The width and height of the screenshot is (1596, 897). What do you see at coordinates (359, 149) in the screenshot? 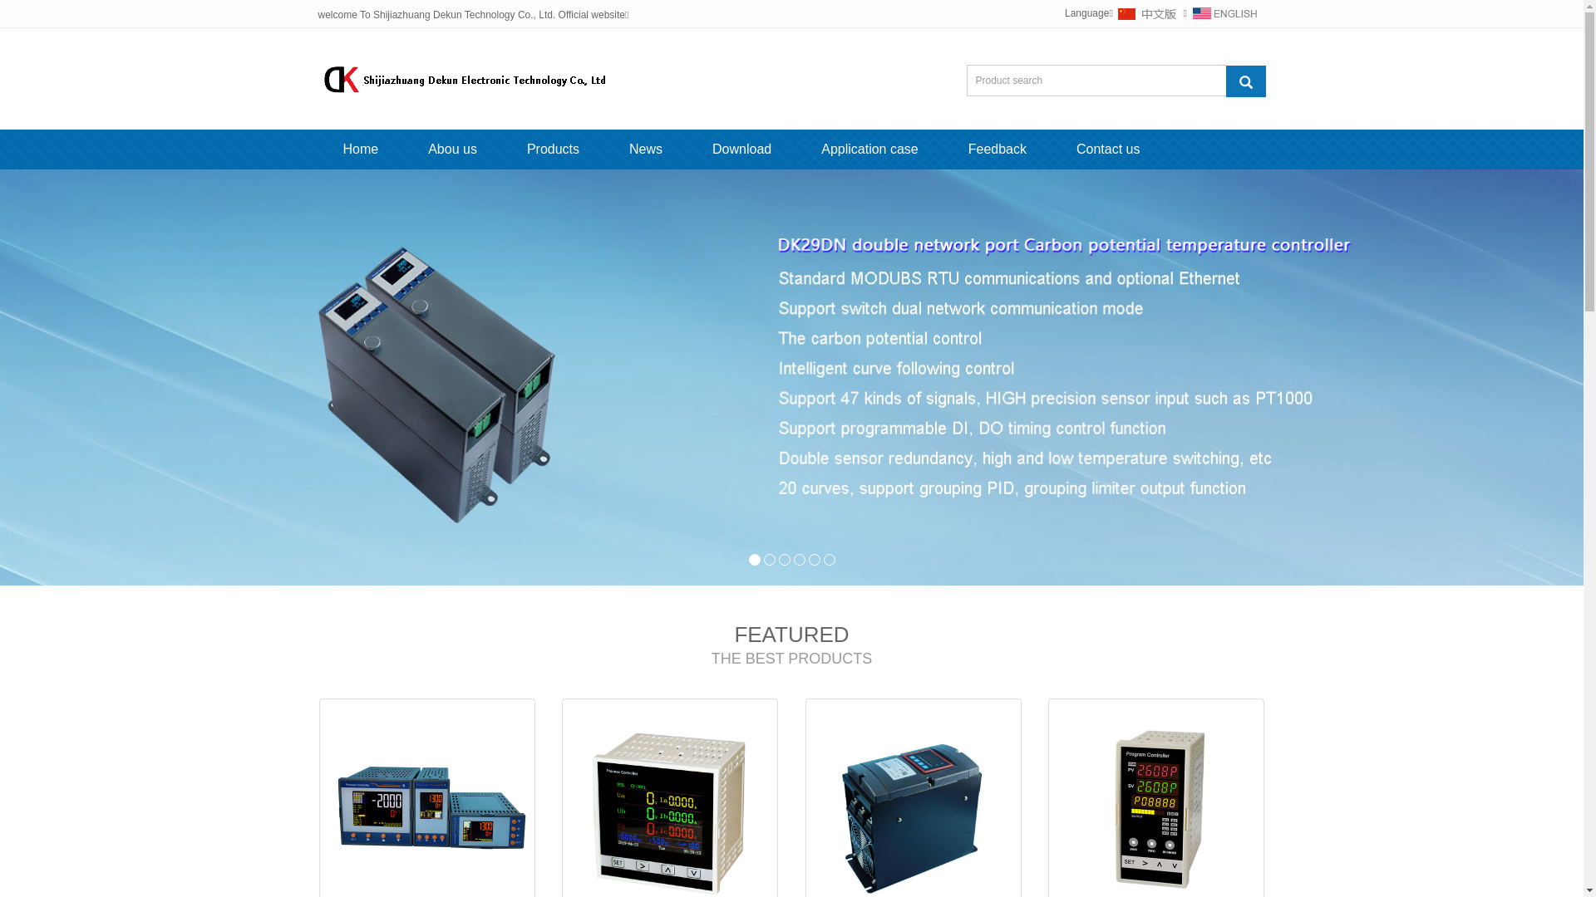
I see `'Home'` at bounding box center [359, 149].